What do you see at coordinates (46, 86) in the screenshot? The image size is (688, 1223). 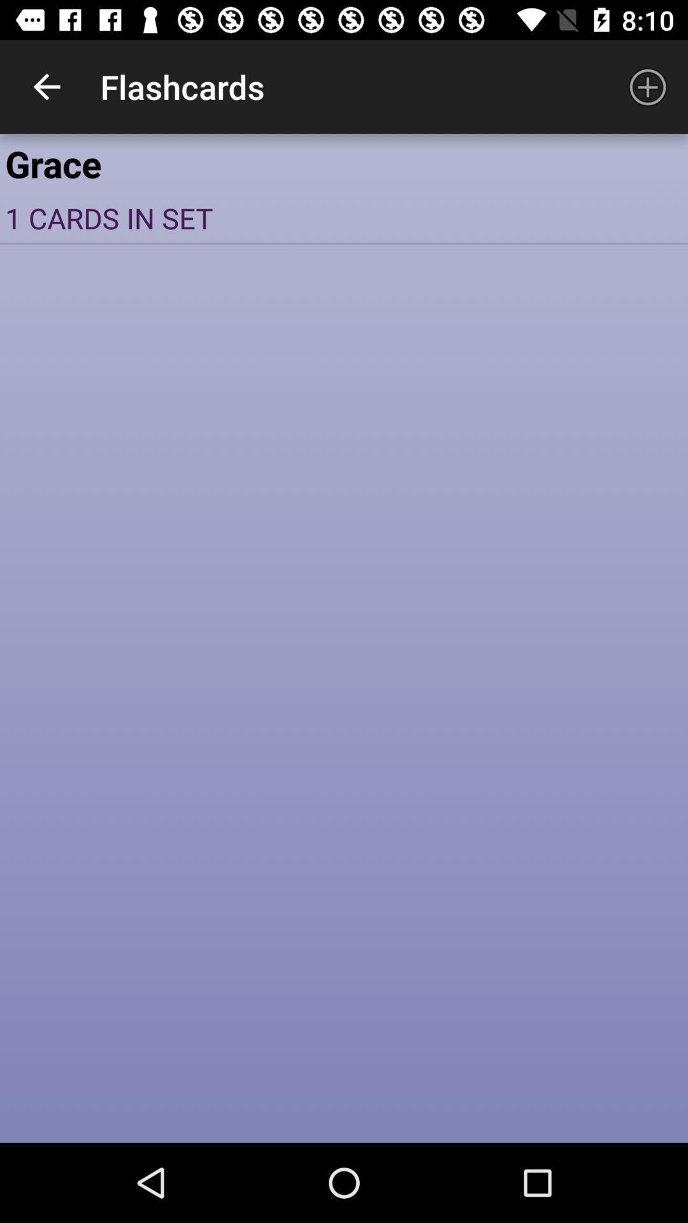 I see `icon next to the flashcards item` at bounding box center [46, 86].